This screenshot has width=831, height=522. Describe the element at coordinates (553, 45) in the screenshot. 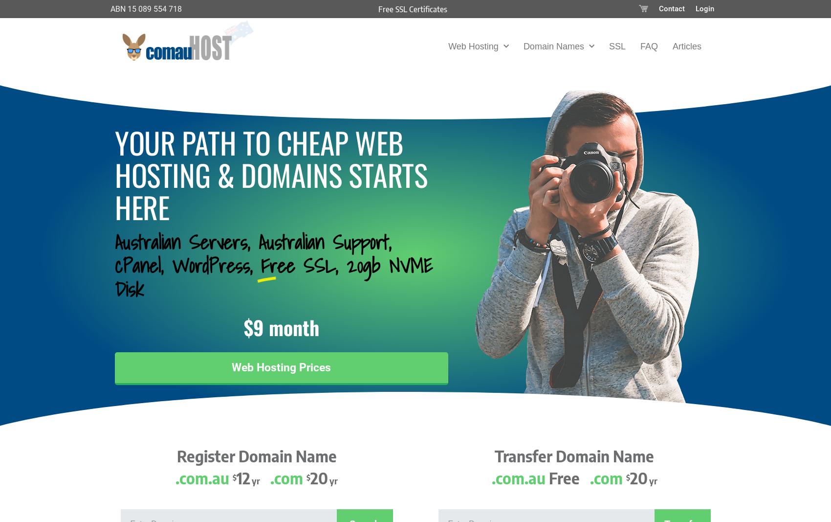

I see `'Domain Names'` at that location.